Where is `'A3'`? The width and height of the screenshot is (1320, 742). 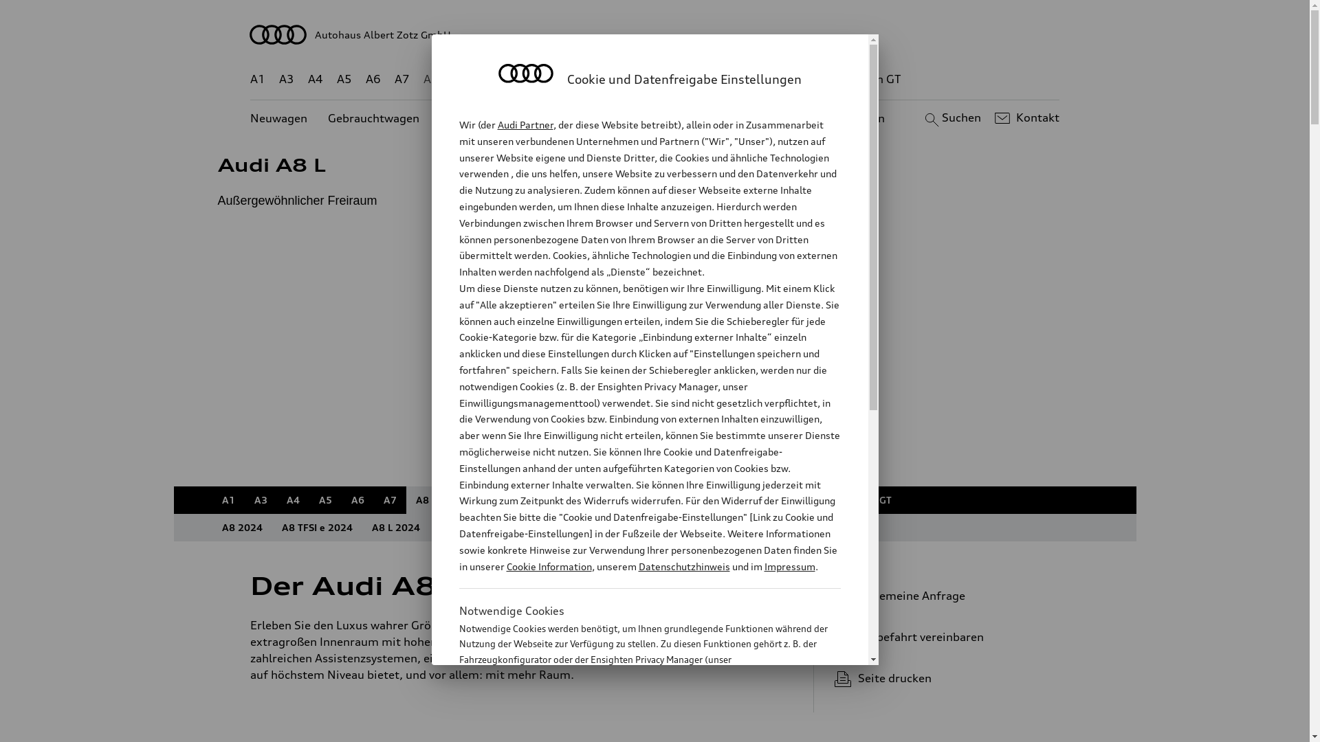 'A3' is located at coordinates (286, 79).